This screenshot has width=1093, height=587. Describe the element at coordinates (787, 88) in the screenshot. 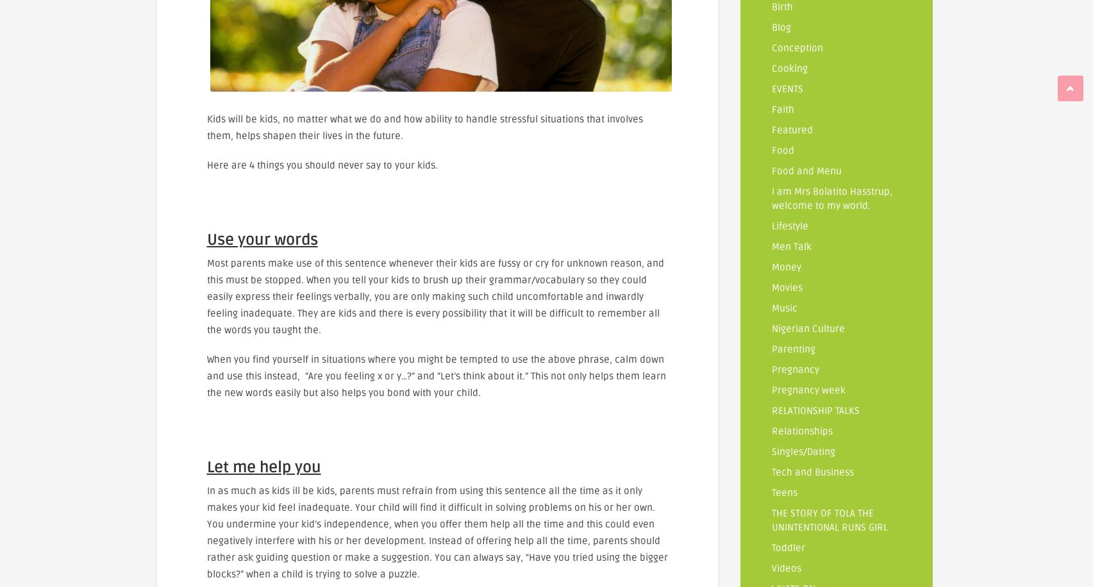

I see `'EVENTS'` at that location.